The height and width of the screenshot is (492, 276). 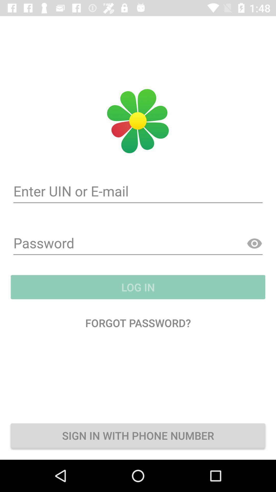 I want to click on sign in with icon, so click(x=138, y=435).